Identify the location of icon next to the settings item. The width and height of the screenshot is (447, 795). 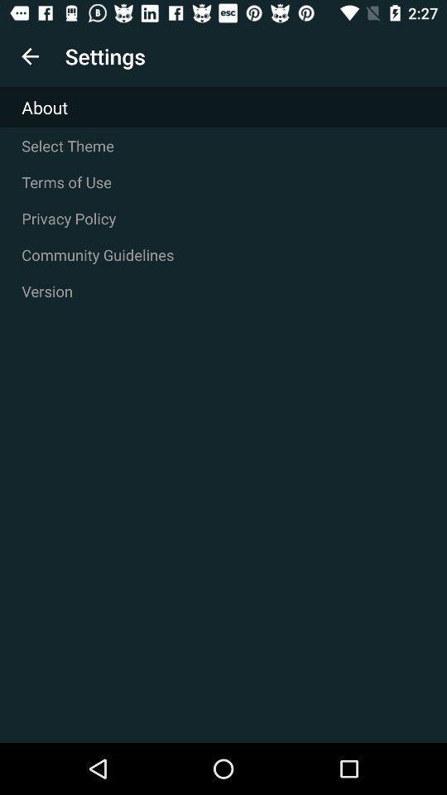
(30, 56).